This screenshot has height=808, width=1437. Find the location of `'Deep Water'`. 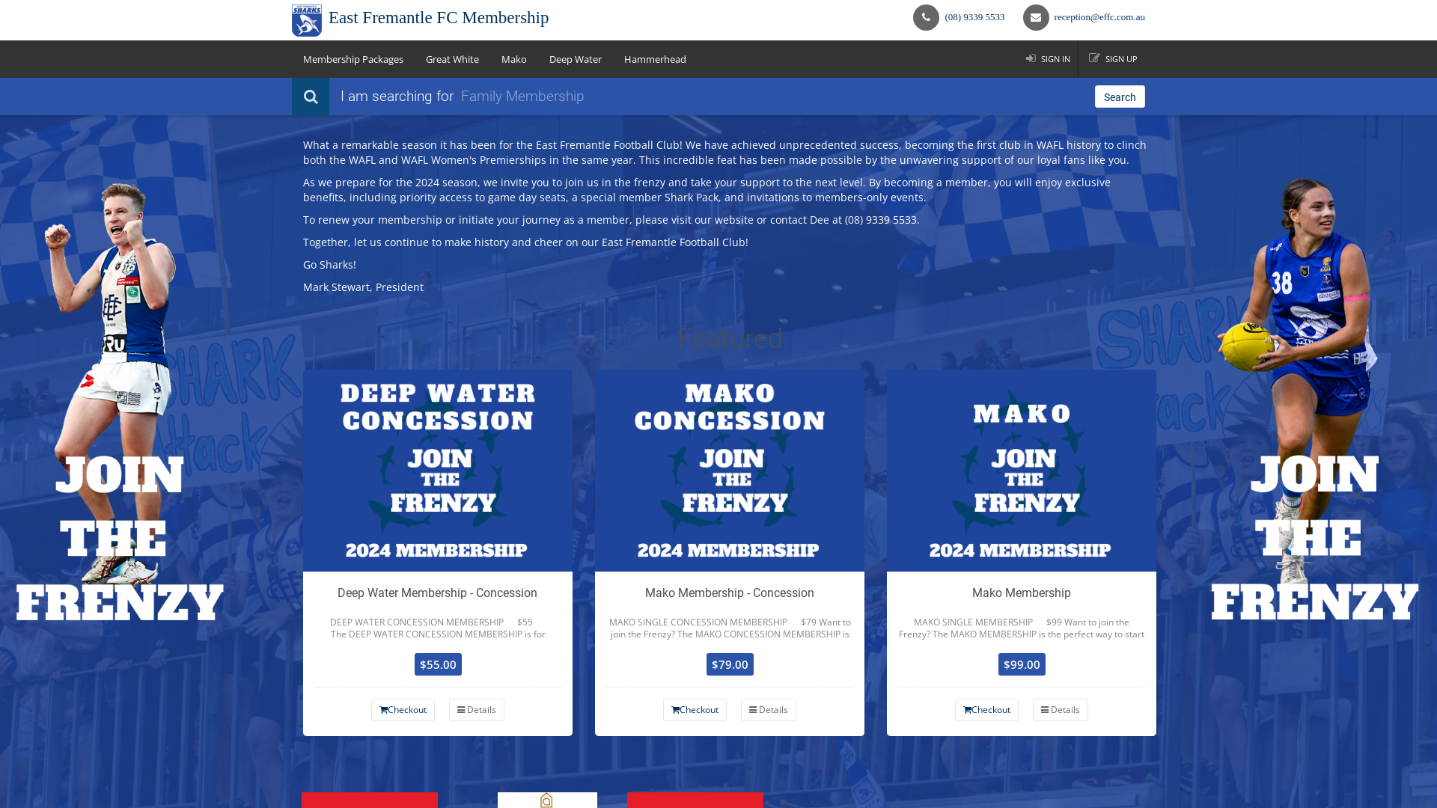

'Deep Water' is located at coordinates (574, 58).